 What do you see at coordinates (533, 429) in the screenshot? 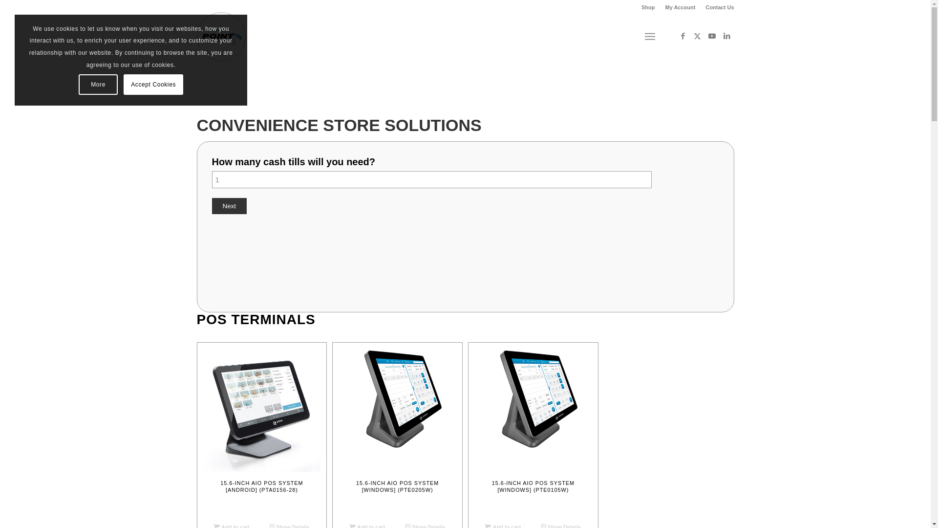
I see `'15.6-INCH AIO POS SYSTEM [WINDOWS] (PTE0105W)'` at bounding box center [533, 429].